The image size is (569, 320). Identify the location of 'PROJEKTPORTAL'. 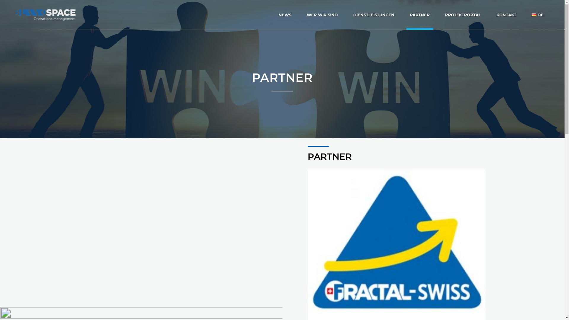
(463, 15).